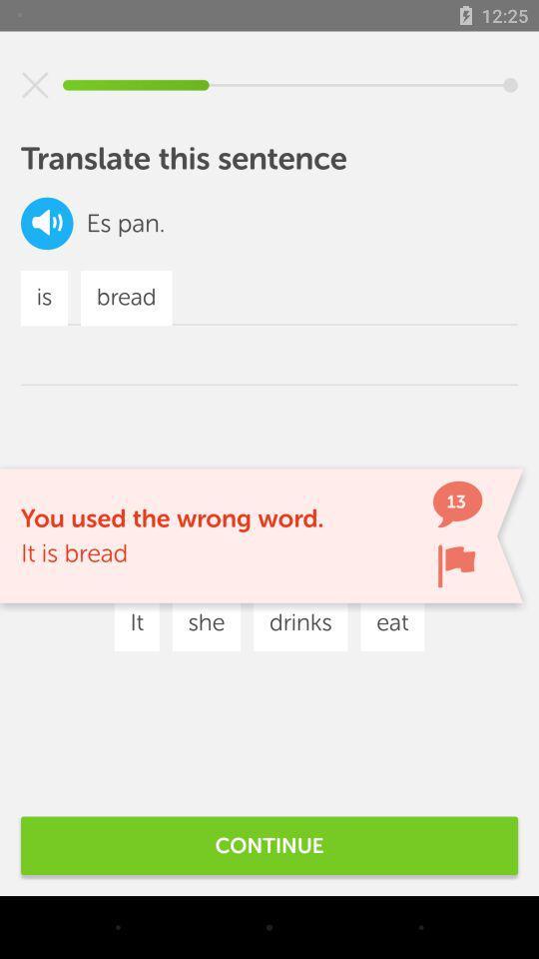 The image size is (539, 959). Describe the element at coordinates (205, 622) in the screenshot. I see `the item next to it item` at that location.